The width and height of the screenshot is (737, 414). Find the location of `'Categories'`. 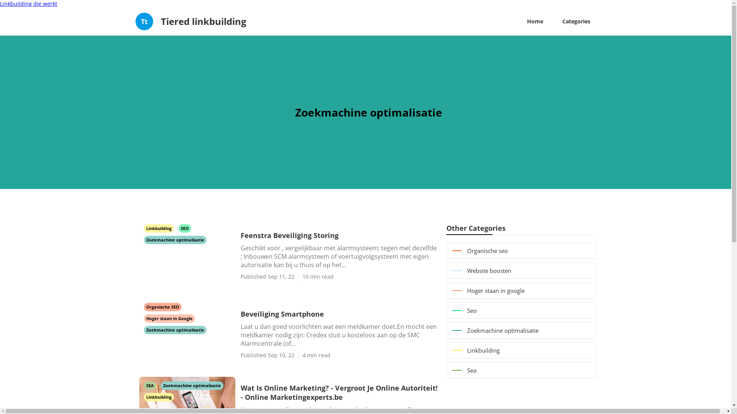

'Categories' is located at coordinates (576, 21).